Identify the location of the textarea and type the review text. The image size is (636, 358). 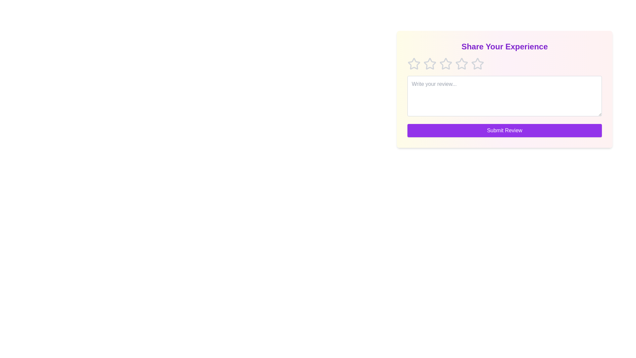
(504, 96).